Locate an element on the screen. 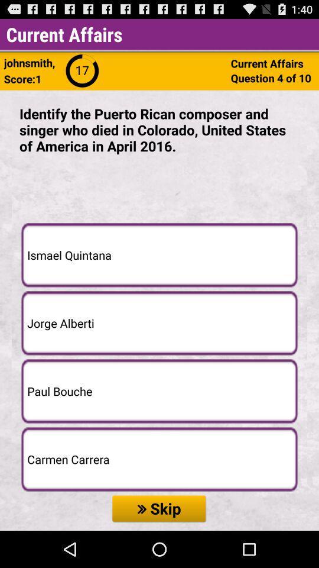 Image resolution: width=319 pixels, height=568 pixels. the first option is located at coordinates (159, 255).